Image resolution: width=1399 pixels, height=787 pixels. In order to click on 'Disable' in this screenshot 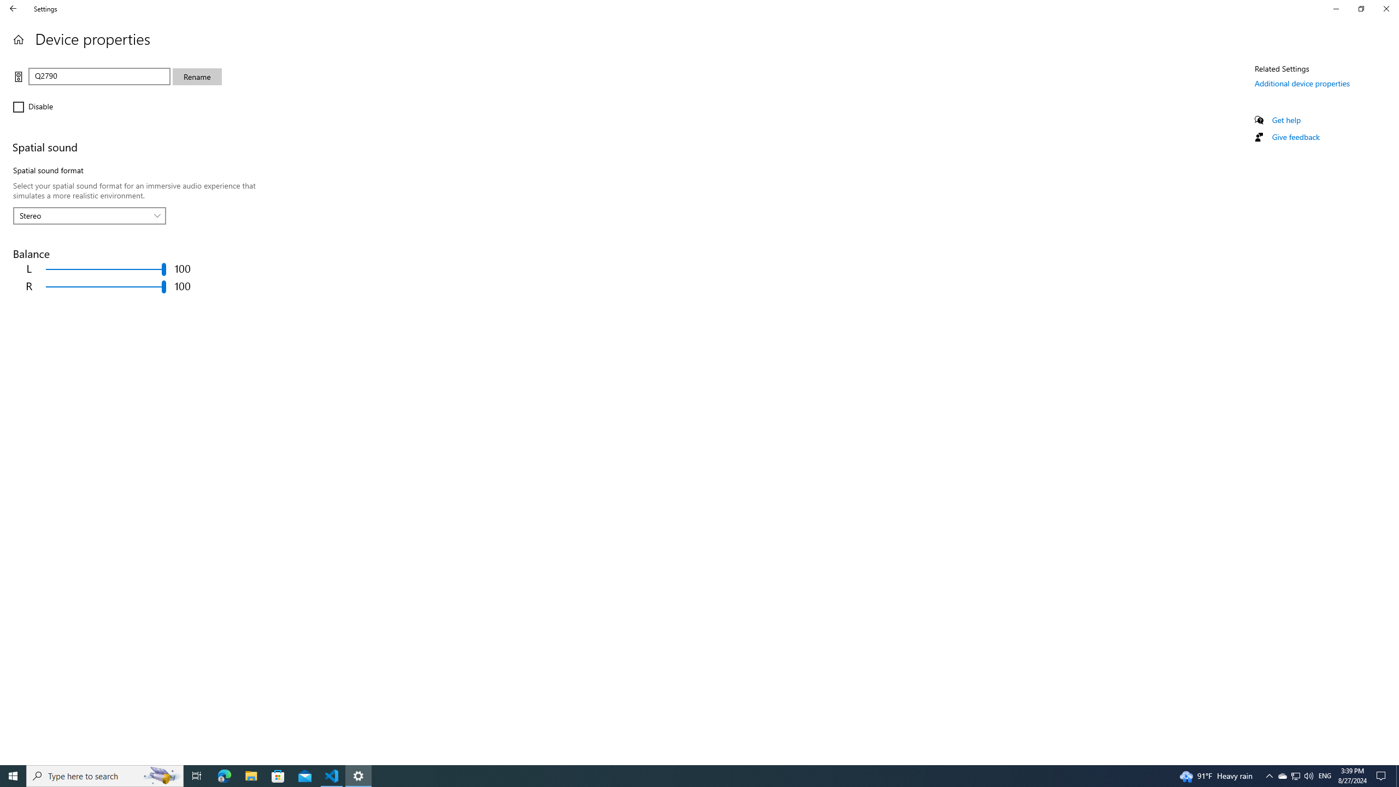, I will do `click(45, 107)`.